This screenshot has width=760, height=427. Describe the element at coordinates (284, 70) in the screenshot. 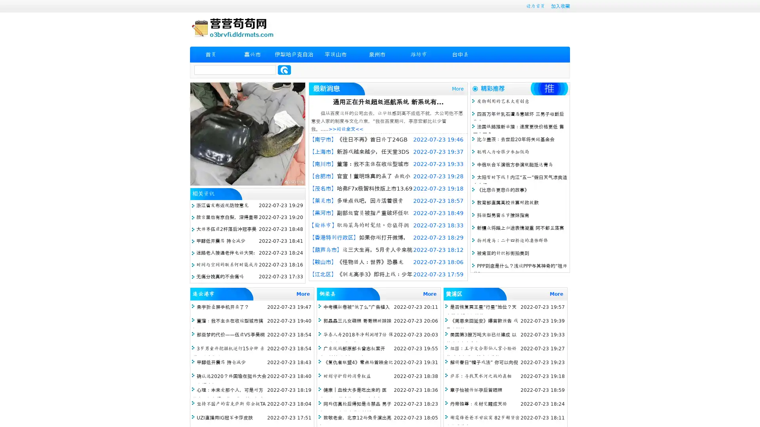

I see `Search` at that location.